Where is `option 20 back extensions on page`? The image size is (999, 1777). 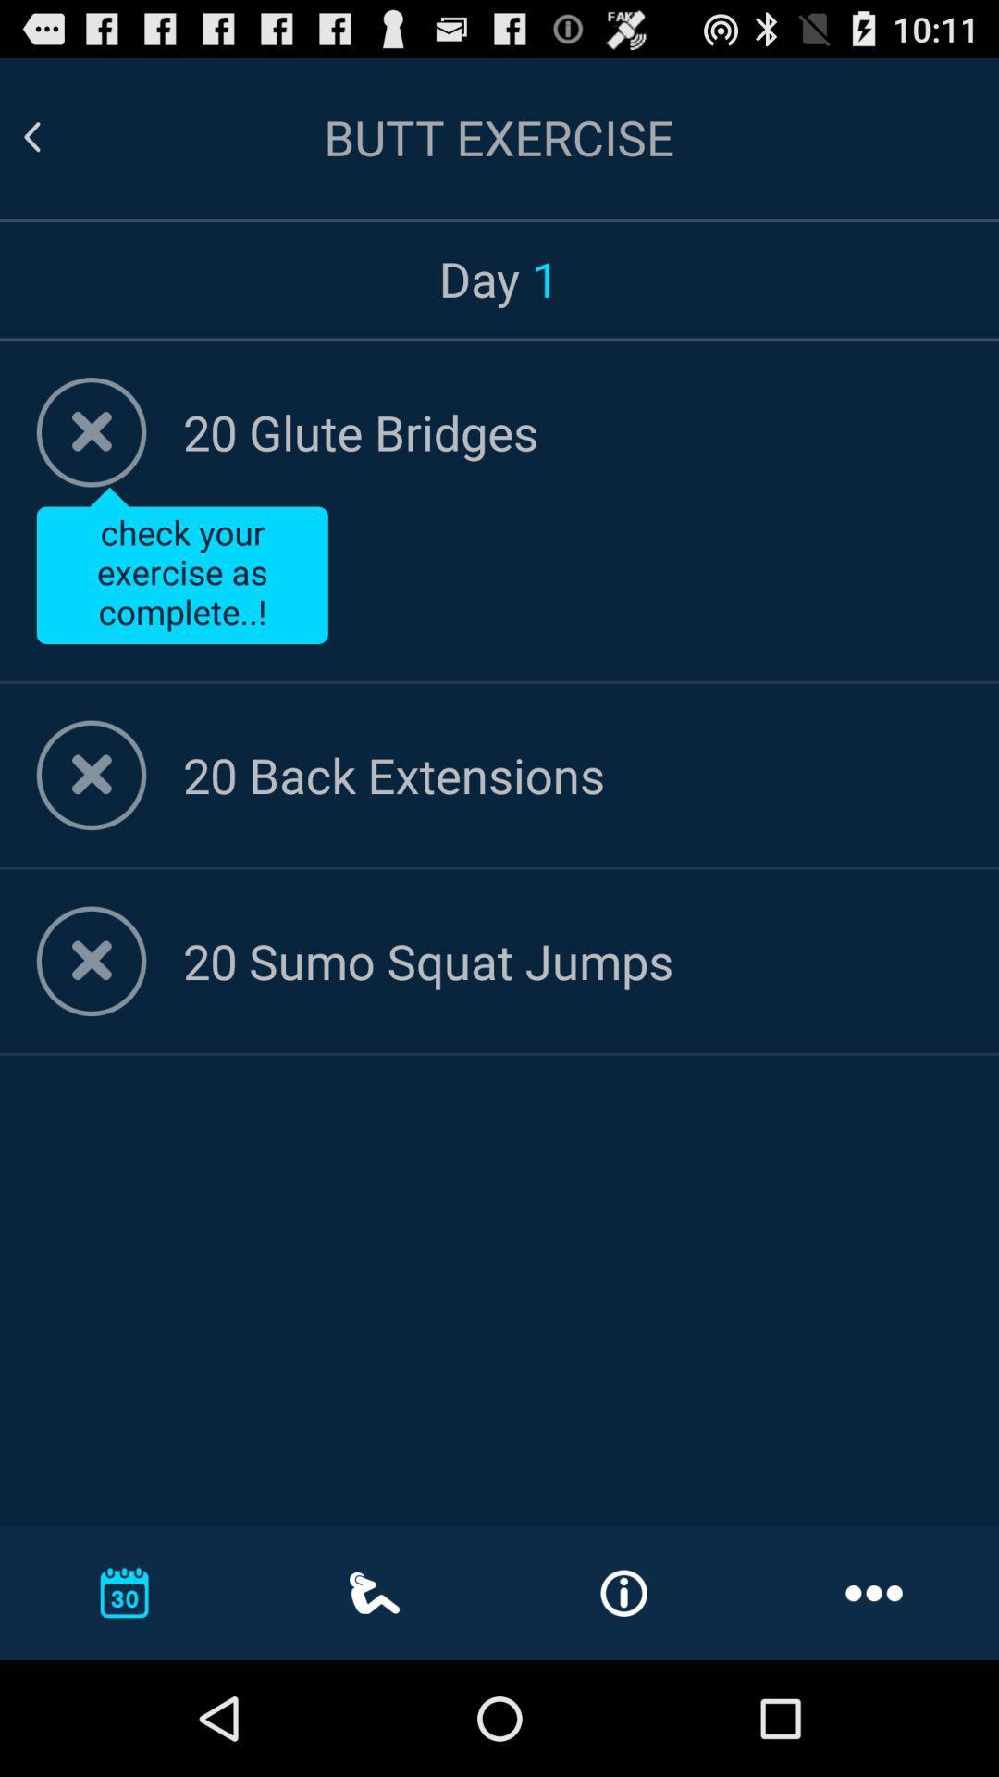
option 20 back extensions on page is located at coordinates (571, 775).